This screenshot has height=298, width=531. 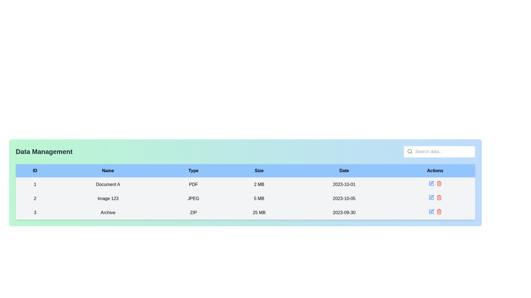 What do you see at coordinates (344, 170) in the screenshot?
I see `the 'Date' text label, which is the fifth column header in the table, displayed in black text on a blue background, located between the 'Size' and 'Actions' headers` at bounding box center [344, 170].